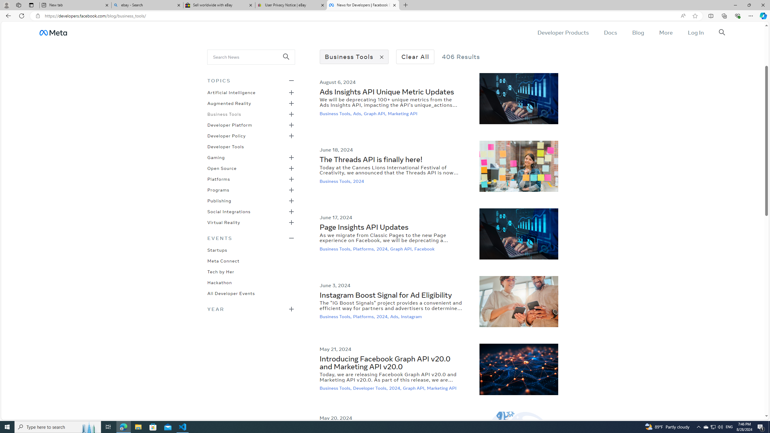 The height and width of the screenshot is (433, 770). What do you see at coordinates (666, 32) in the screenshot?
I see `'More'` at bounding box center [666, 32].